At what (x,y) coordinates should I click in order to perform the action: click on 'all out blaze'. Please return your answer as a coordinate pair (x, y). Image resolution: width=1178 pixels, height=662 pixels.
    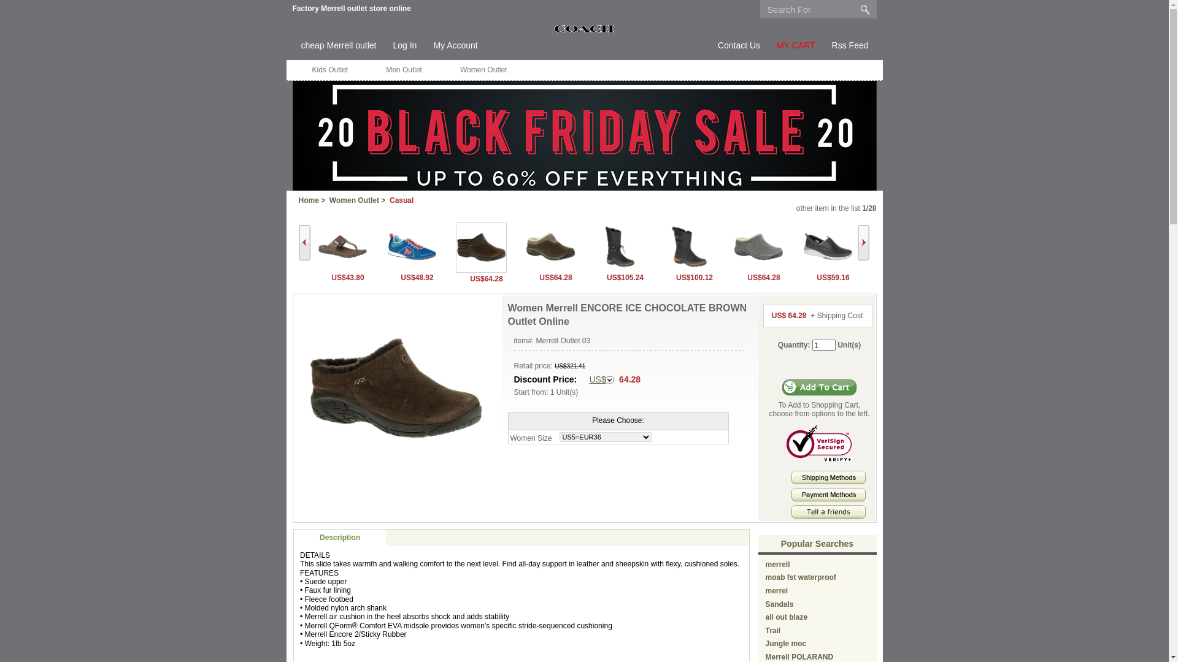
    Looking at the image, I should click on (787, 617).